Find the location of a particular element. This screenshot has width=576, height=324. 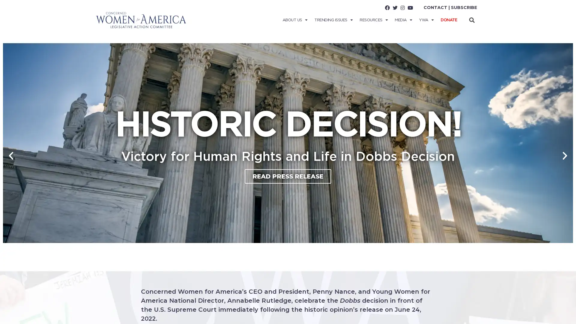

Previous slide is located at coordinates (11, 155).